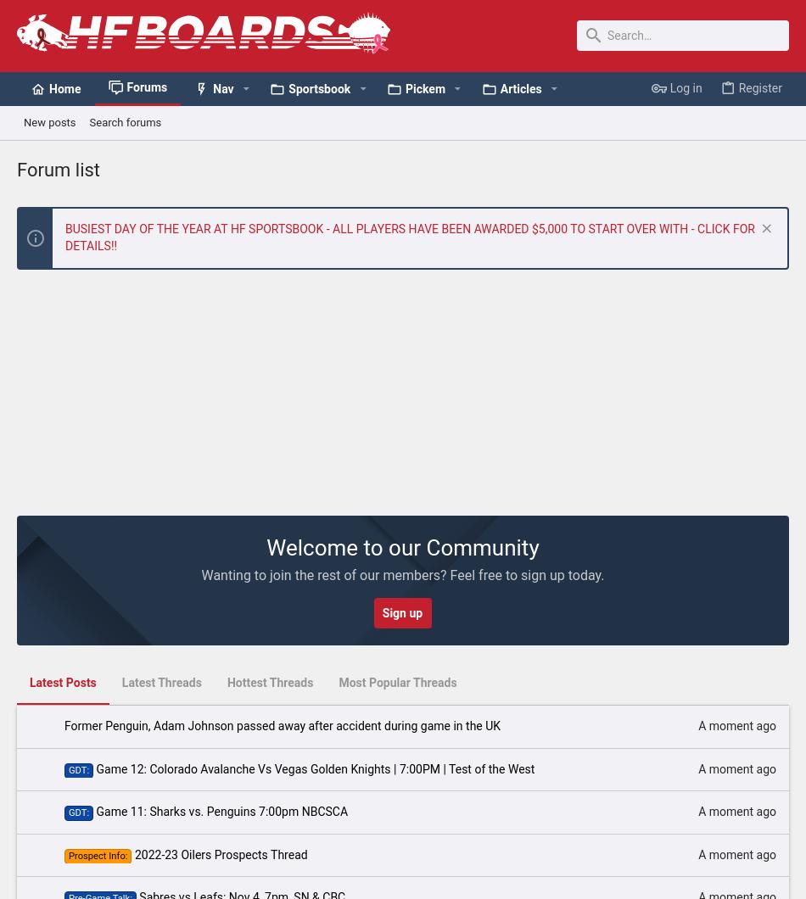 This screenshot has height=899, width=806. What do you see at coordinates (161, 682) in the screenshot?
I see `'Latest Threads'` at bounding box center [161, 682].